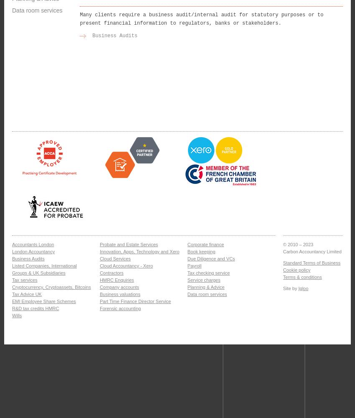  I want to click on 'Payroll', so click(194, 266).